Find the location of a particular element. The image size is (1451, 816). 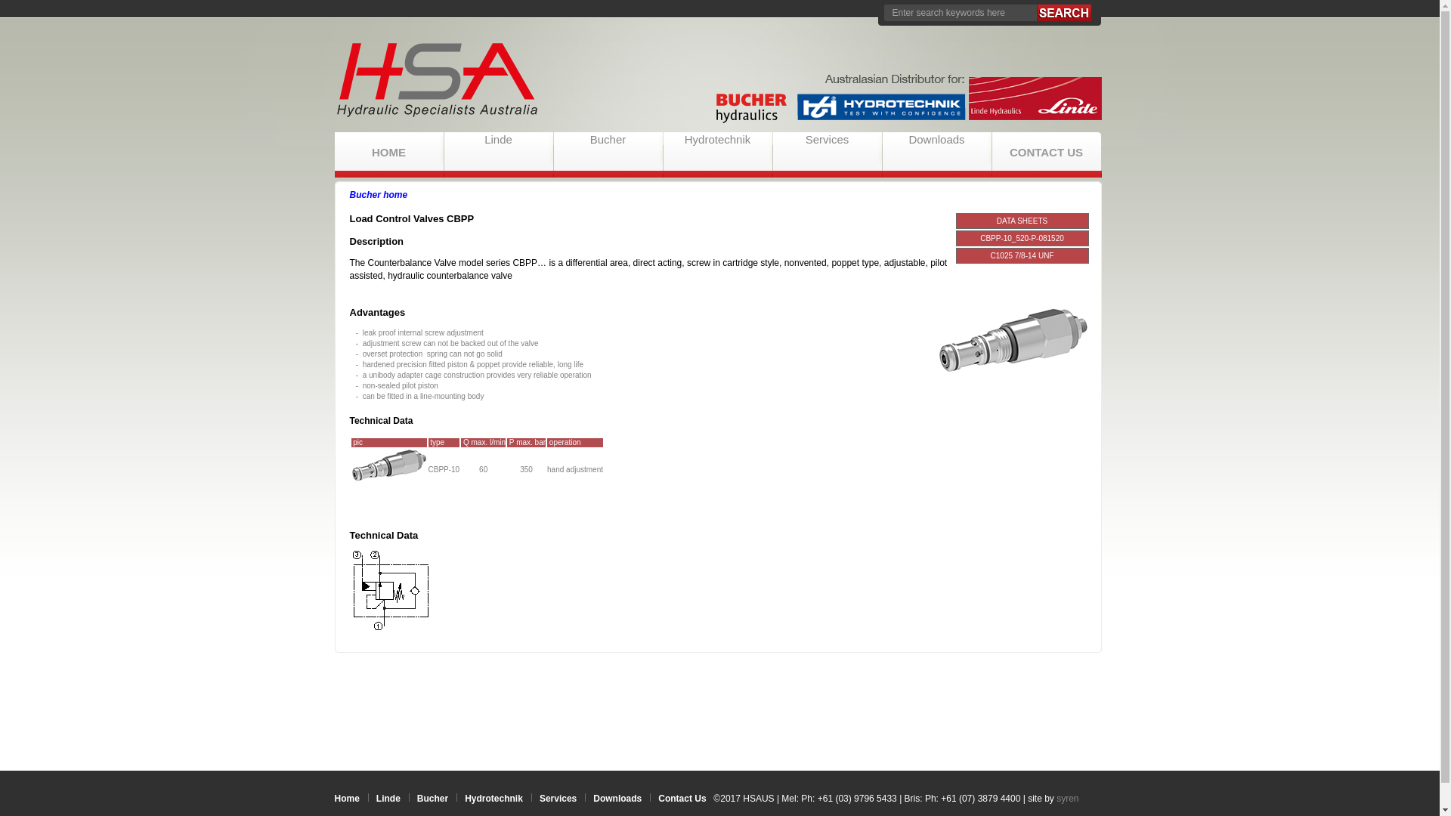

'Downloads' is located at coordinates (617, 797).